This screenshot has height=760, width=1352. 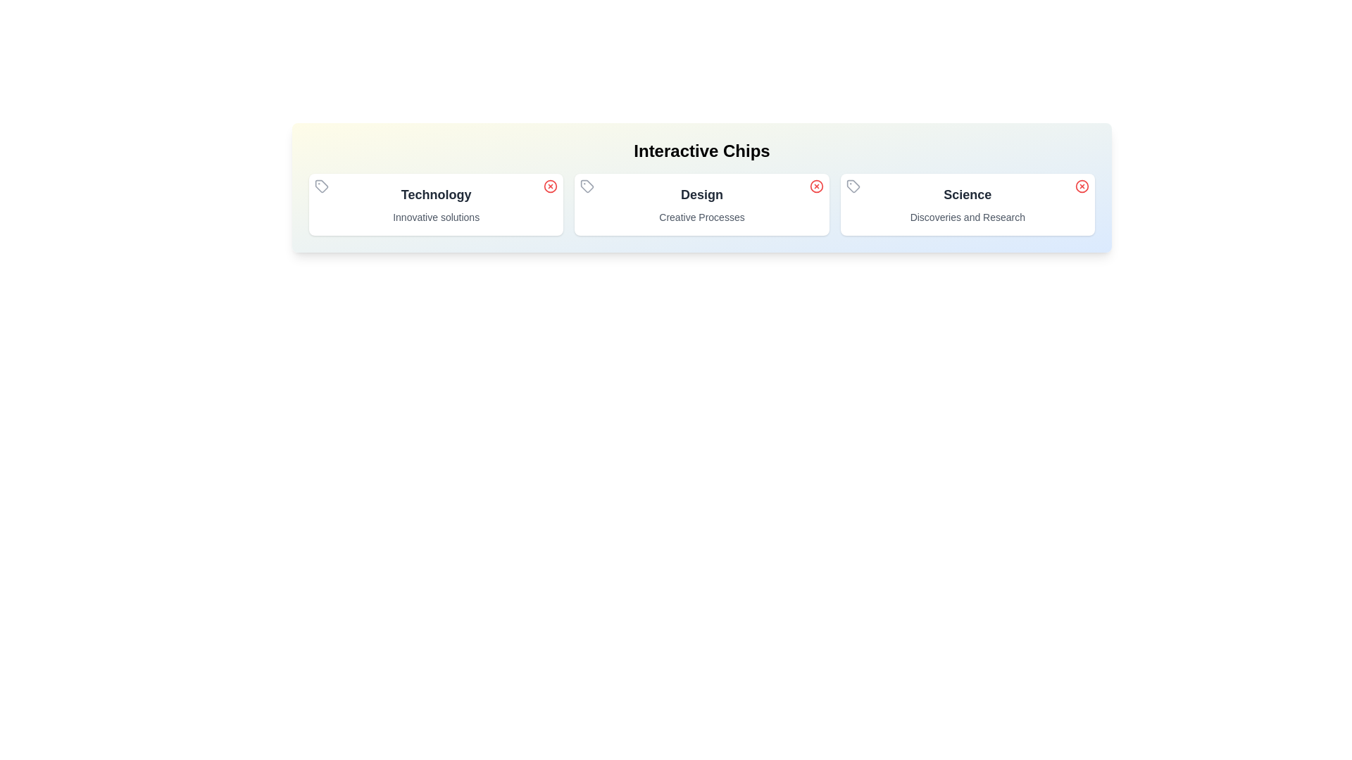 What do you see at coordinates (851, 186) in the screenshot?
I see `the icon of the chip labeled Science` at bounding box center [851, 186].